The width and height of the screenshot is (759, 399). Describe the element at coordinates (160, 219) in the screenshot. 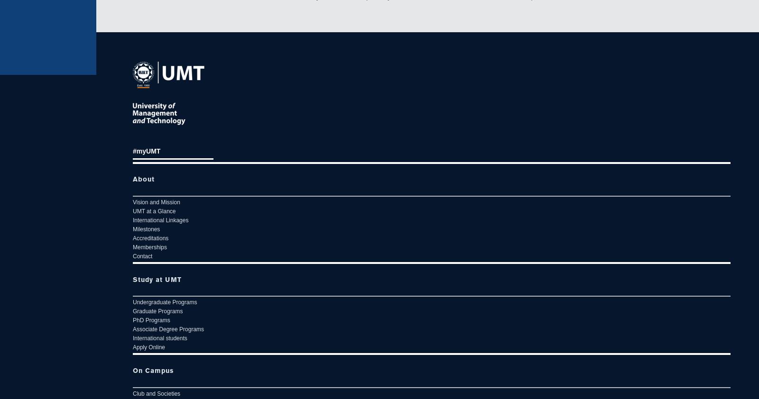

I see `'International Linkages'` at that location.